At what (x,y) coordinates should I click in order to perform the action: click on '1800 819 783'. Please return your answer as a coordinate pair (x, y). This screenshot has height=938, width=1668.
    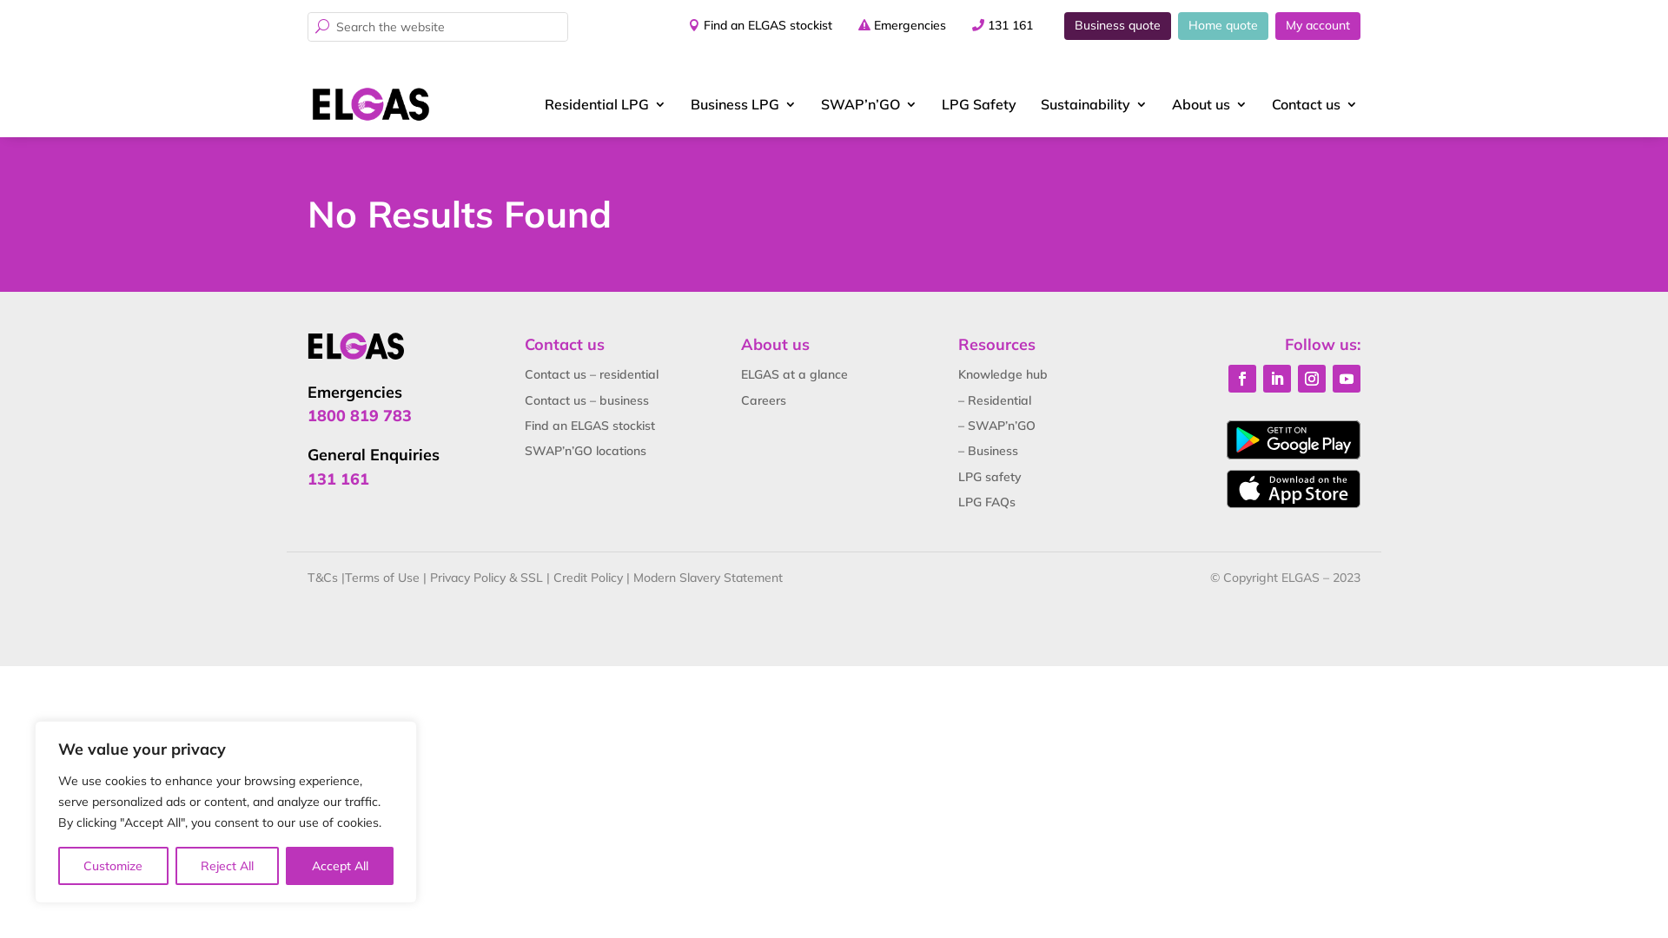
    Looking at the image, I should click on (358, 415).